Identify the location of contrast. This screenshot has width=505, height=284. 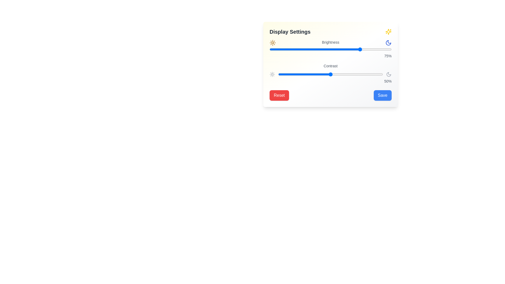
(289, 74).